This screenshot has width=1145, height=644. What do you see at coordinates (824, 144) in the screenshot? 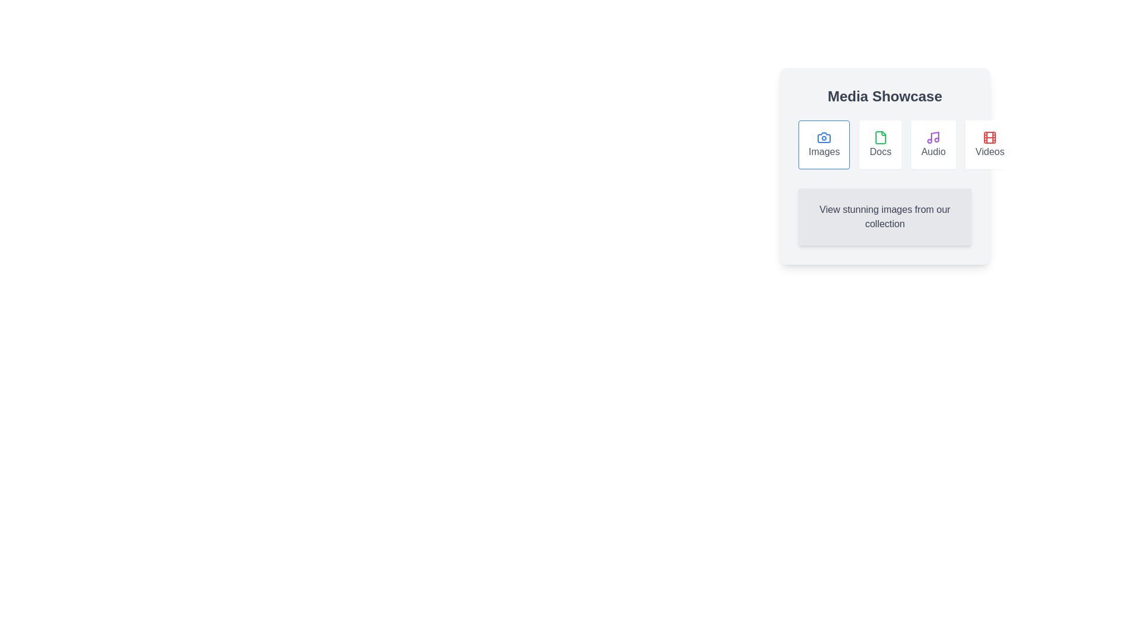
I see `the Images tab by clicking on its button` at bounding box center [824, 144].